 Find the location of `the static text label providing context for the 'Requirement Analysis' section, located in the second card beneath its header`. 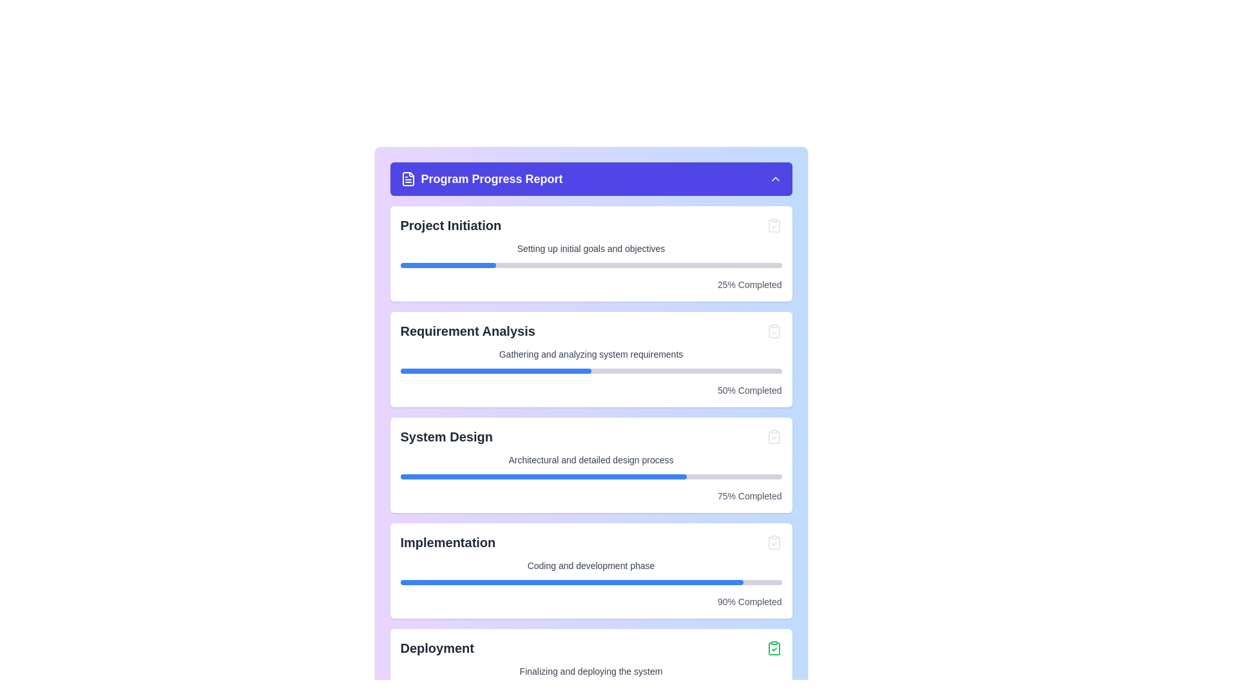

the static text label providing context for the 'Requirement Analysis' section, located in the second card beneath its header is located at coordinates (590, 354).